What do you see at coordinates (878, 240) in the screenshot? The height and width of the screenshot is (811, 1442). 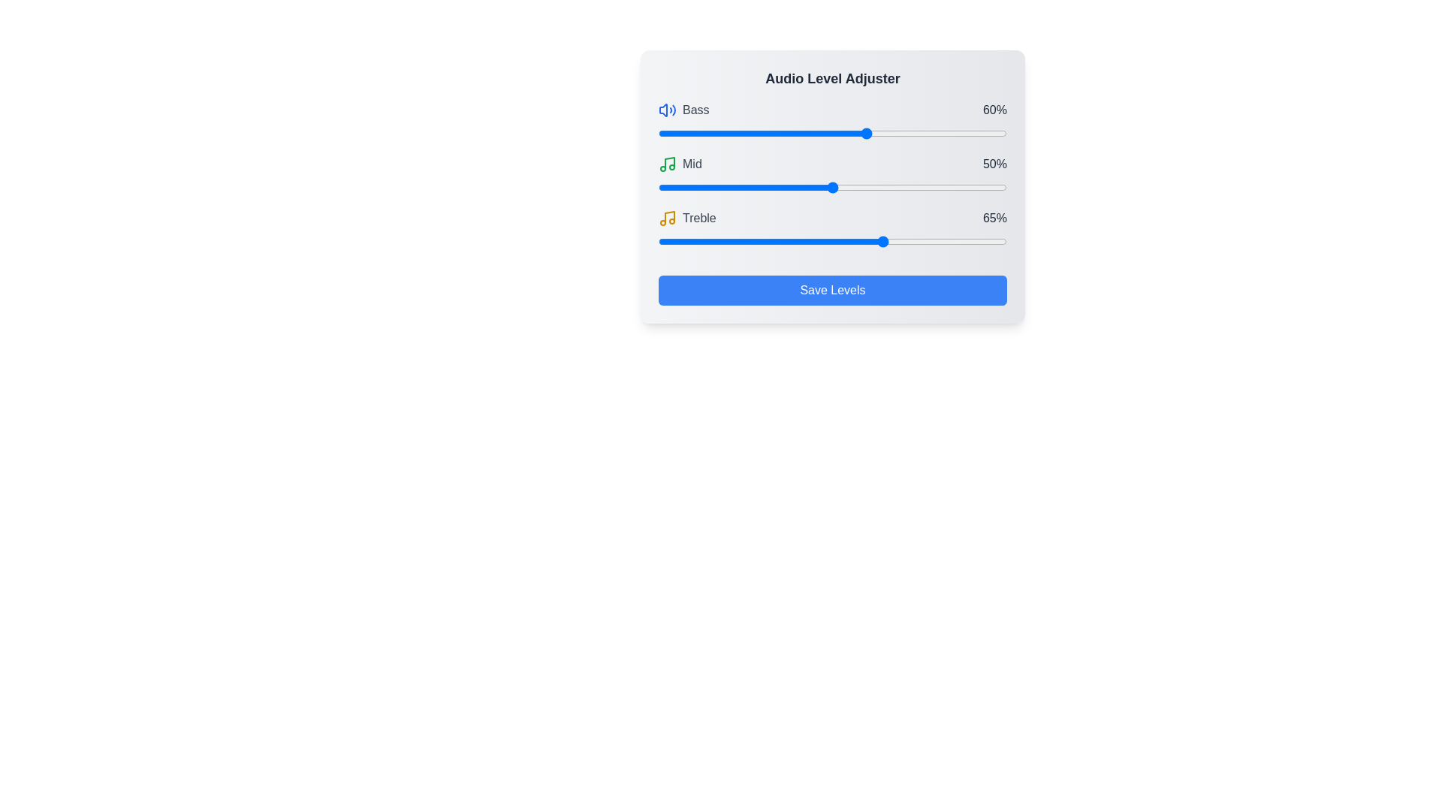 I see `the slider` at bounding box center [878, 240].